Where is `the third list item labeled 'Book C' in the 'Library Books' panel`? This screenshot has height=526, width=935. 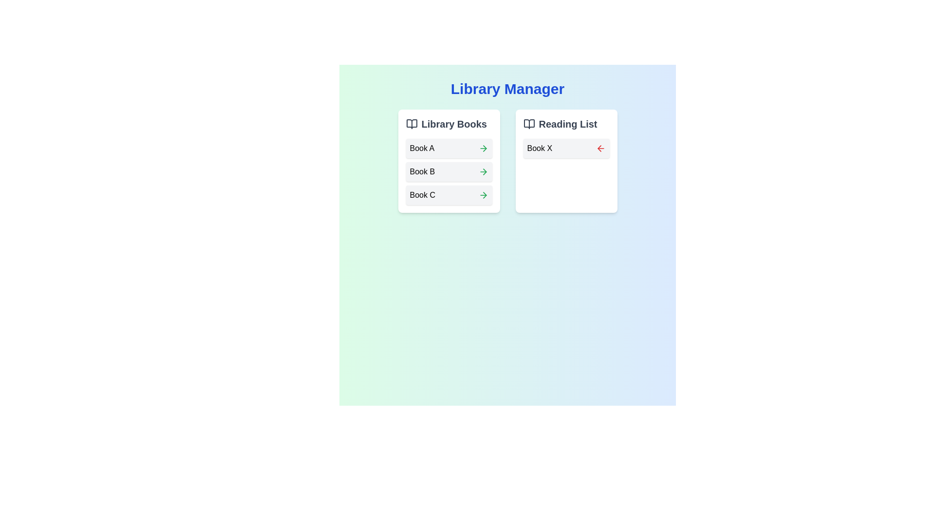 the third list item labeled 'Book C' in the 'Library Books' panel is located at coordinates (448, 195).